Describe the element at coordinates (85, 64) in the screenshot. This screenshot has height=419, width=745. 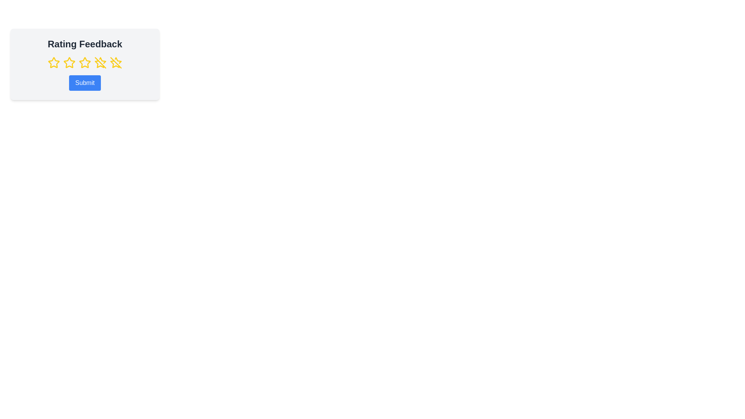
I see `on one of the star icons in the Interactive Rating Section labeled 'Rating Feedback'` at that location.